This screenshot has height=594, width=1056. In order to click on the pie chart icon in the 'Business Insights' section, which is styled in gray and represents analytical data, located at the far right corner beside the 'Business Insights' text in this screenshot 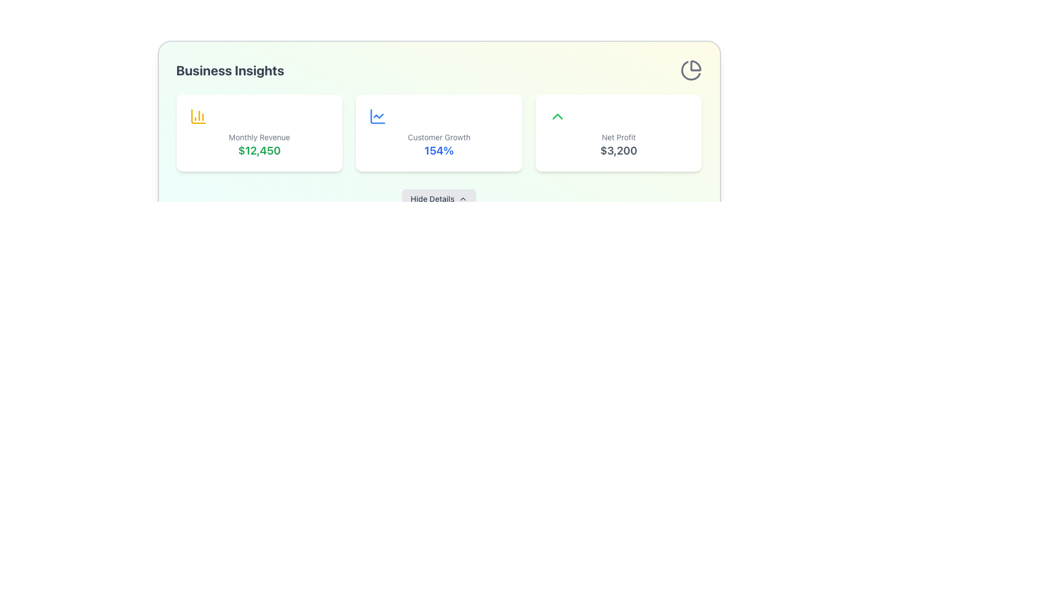, I will do `click(690, 70)`.